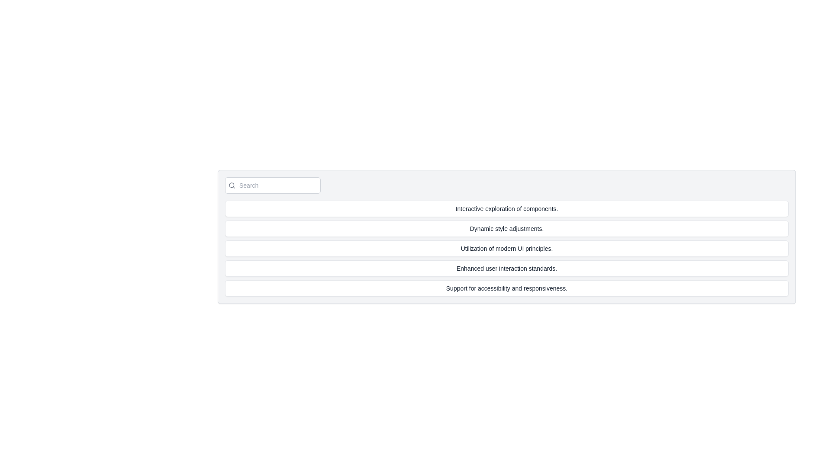 The height and width of the screenshot is (467, 831). What do you see at coordinates (451, 288) in the screenshot?
I see `the character 'u'` at bounding box center [451, 288].